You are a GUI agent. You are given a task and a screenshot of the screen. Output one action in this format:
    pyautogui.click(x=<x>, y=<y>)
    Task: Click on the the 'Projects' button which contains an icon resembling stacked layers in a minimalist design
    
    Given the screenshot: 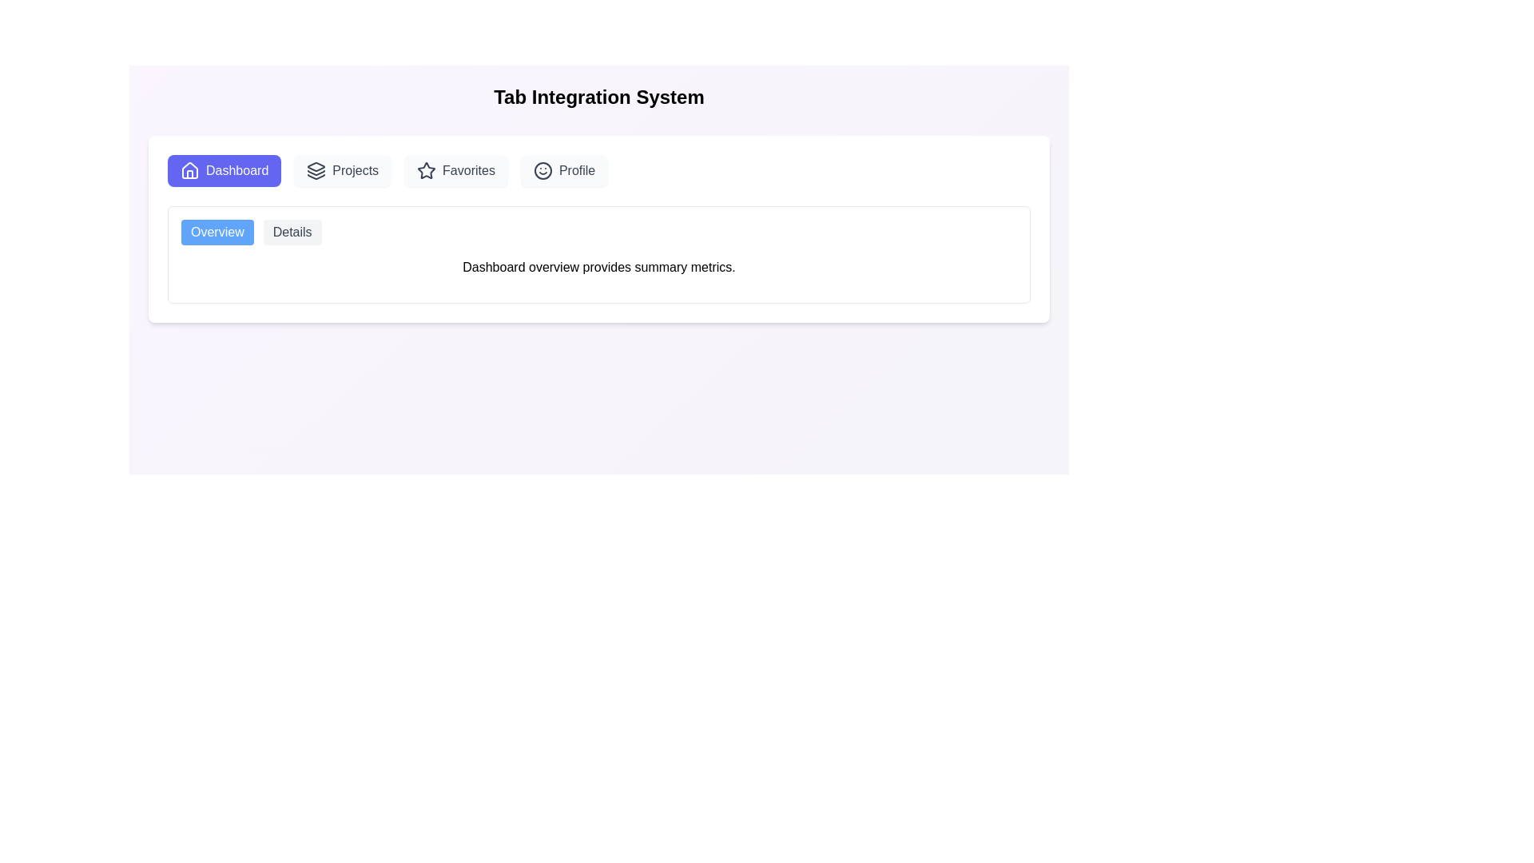 What is the action you would take?
    pyautogui.click(x=316, y=170)
    